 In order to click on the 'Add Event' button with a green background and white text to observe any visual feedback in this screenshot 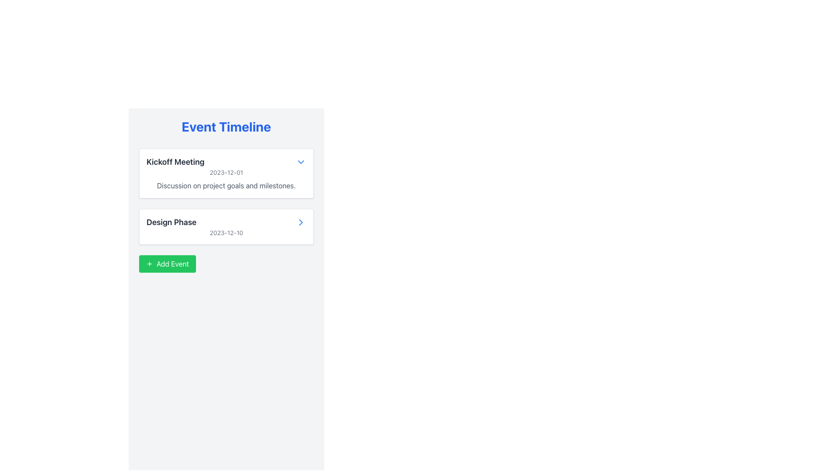, I will do `click(167, 264)`.